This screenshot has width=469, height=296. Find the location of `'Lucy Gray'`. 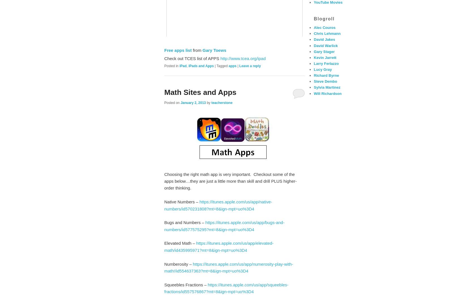

'Lucy Gray' is located at coordinates (322, 69).